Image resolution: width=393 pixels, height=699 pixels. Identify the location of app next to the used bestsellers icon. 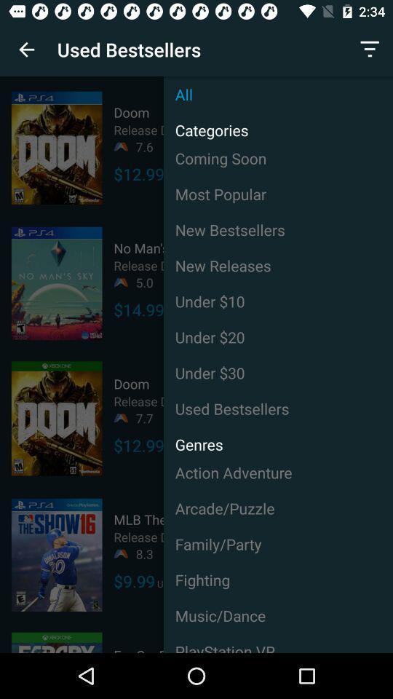
(370, 50).